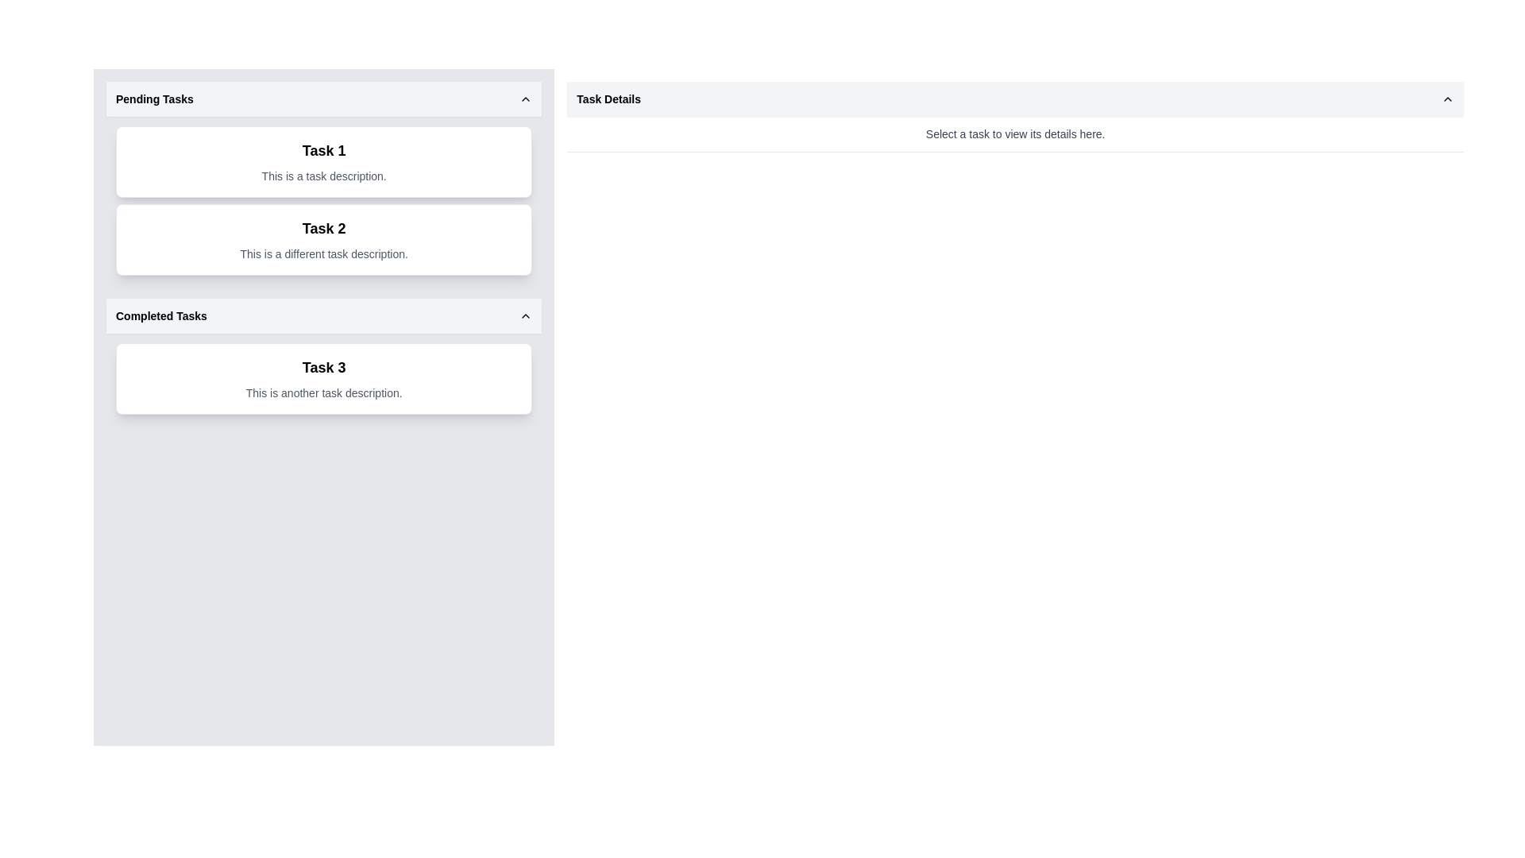 The image size is (1525, 858). What do you see at coordinates (526, 99) in the screenshot?
I see `the chevron icon located at the right end of the 'Pending Tasks' header` at bounding box center [526, 99].